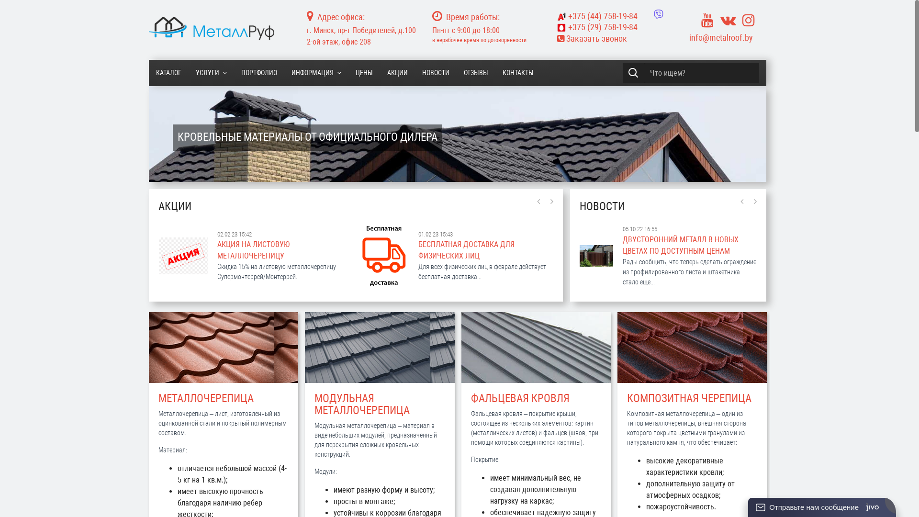  What do you see at coordinates (689, 37) in the screenshot?
I see `'info@metalroof.by'` at bounding box center [689, 37].